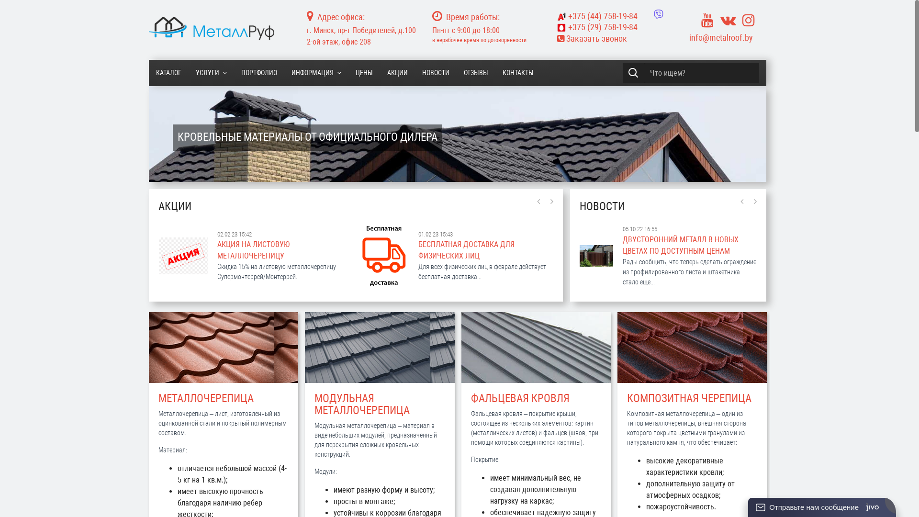  What do you see at coordinates (689, 37) in the screenshot?
I see `'info@metalroof.by'` at bounding box center [689, 37].